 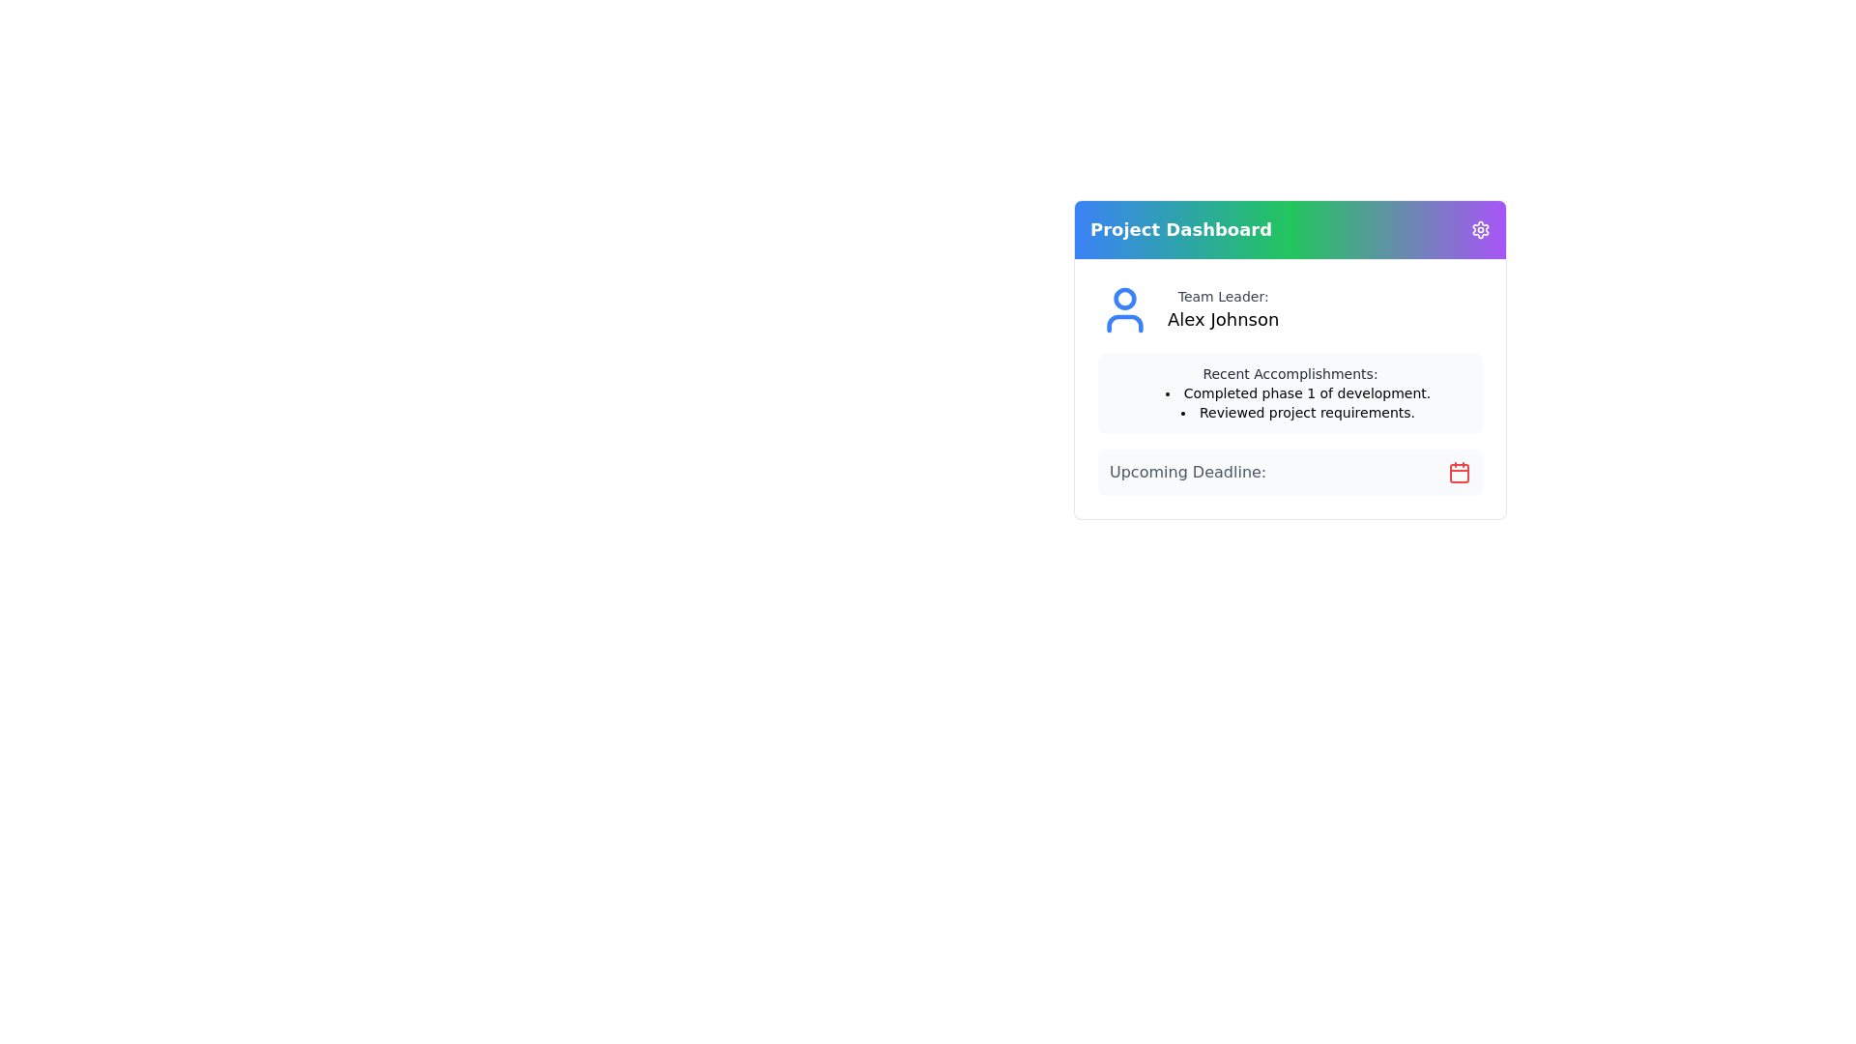 I want to click on the gear-shaped icon representing settings located at the top-right corner of the 'Project Dashboard' card, so click(x=1479, y=229).